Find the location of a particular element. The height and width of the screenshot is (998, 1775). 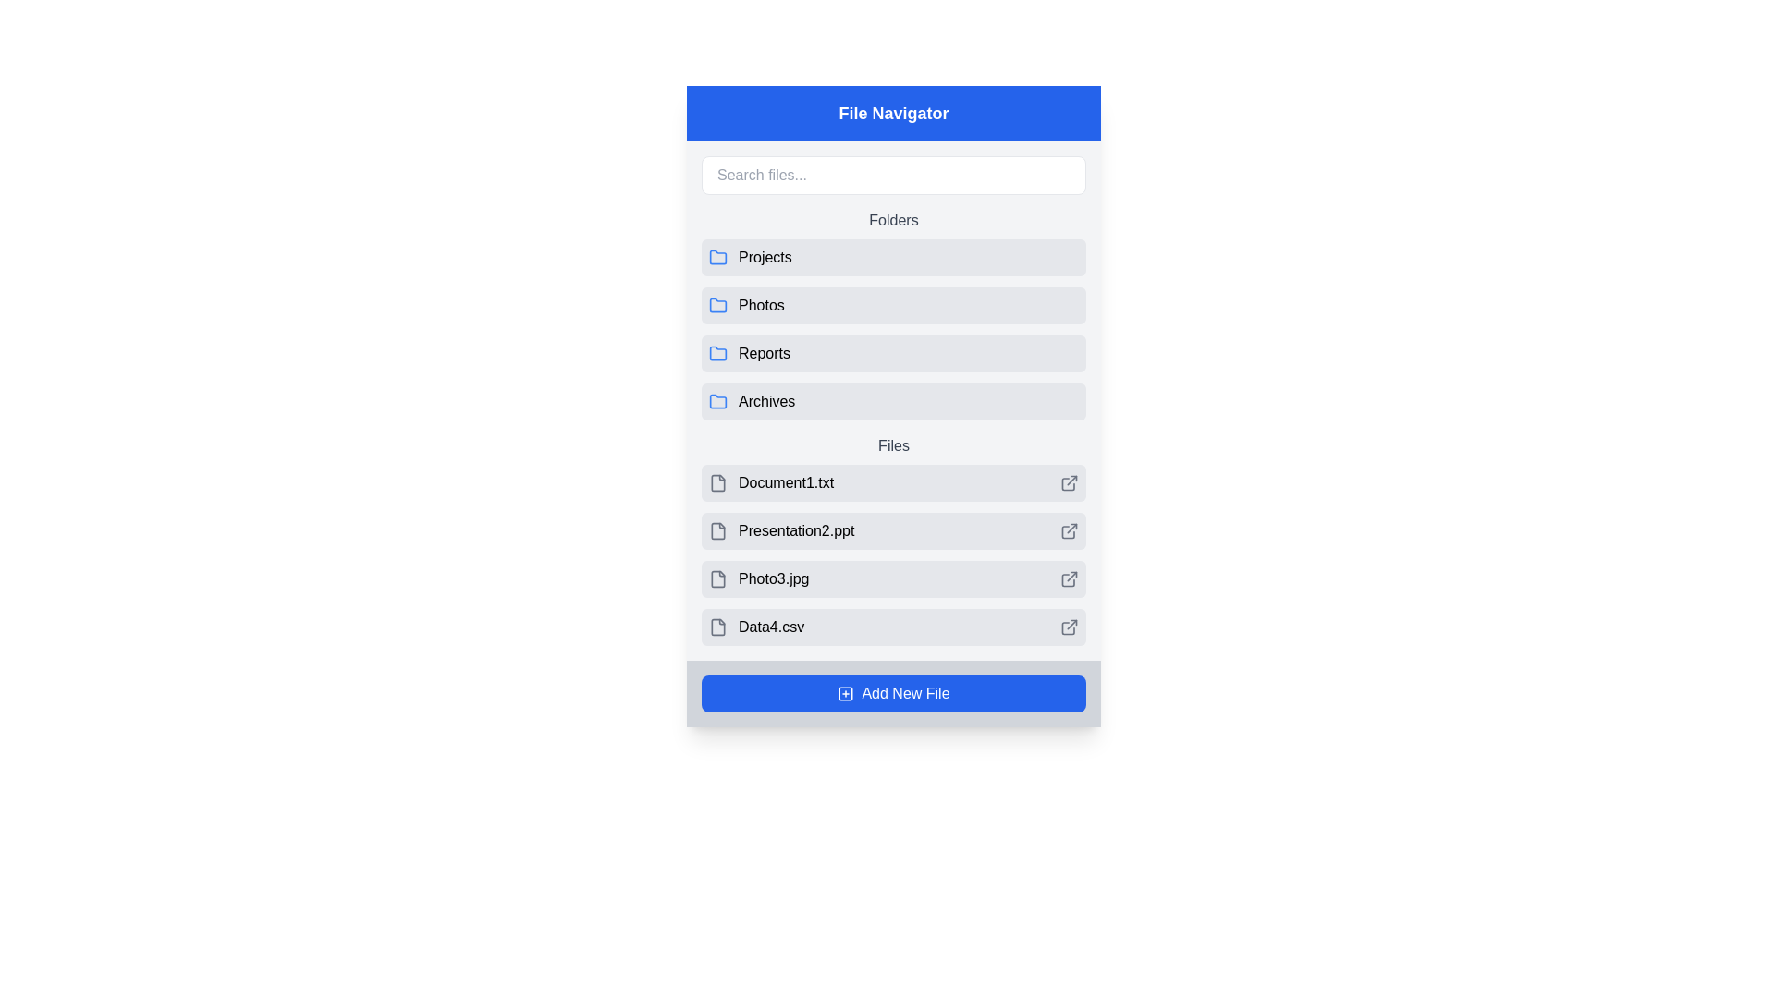

the third clickable list item panel labeled 'Reports' is located at coordinates (893, 353).